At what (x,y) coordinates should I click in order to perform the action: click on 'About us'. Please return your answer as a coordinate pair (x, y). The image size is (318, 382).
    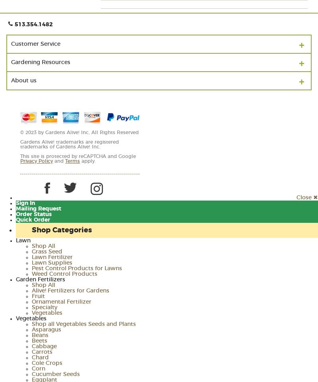
    Looking at the image, I should click on (11, 80).